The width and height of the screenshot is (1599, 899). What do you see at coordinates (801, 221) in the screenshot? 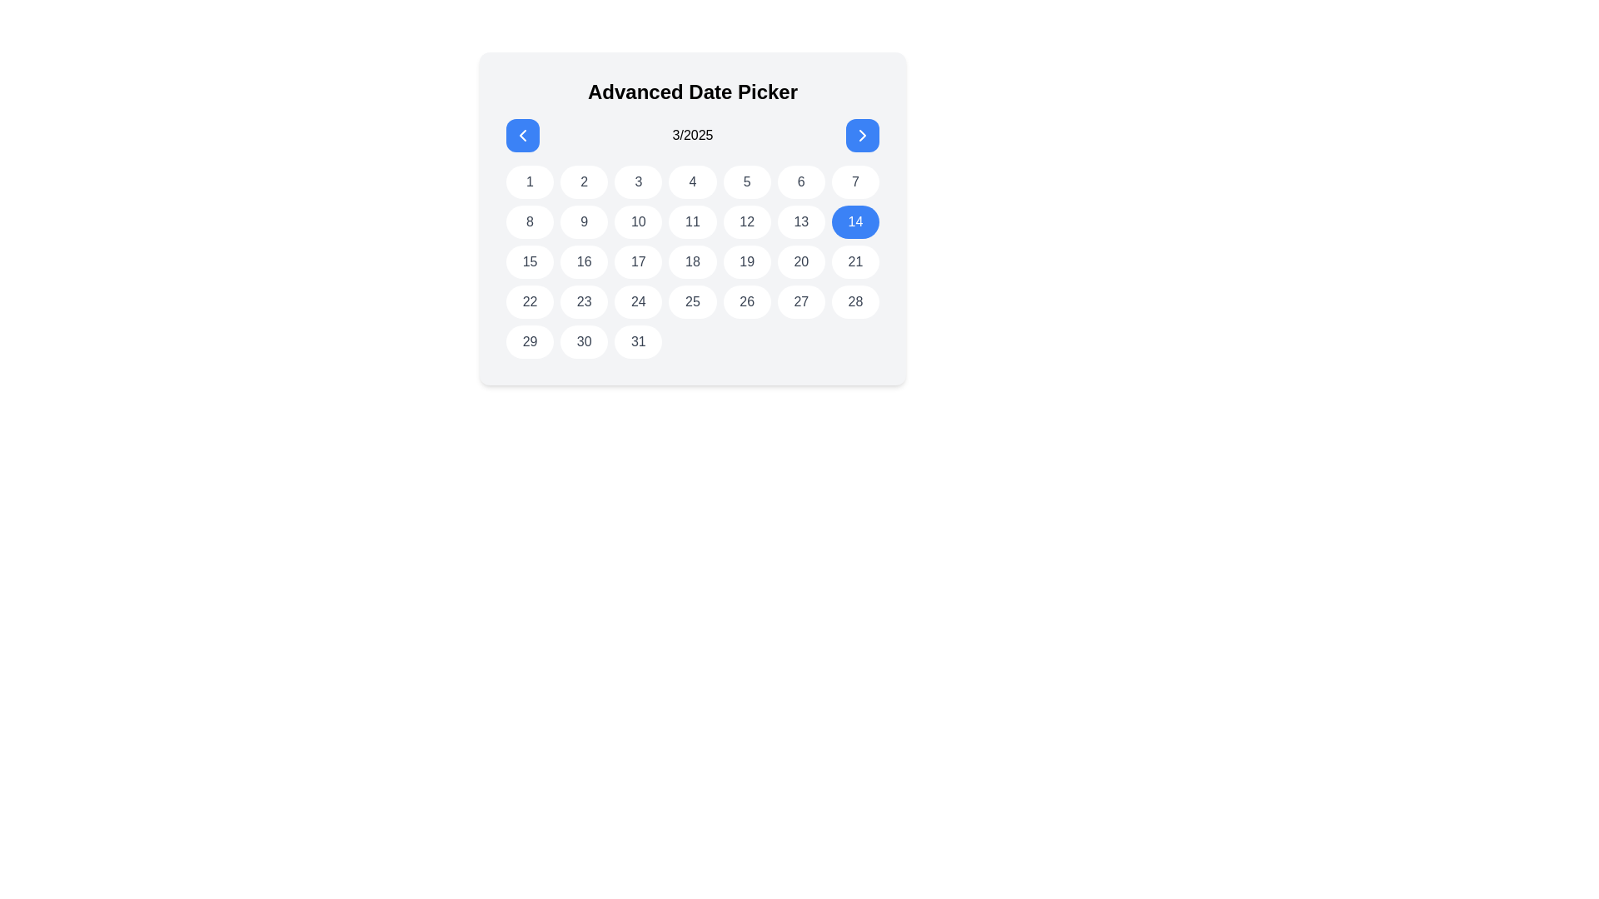
I see `the button representing the 13th day of the month in the date picker interface` at bounding box center [801, 221].